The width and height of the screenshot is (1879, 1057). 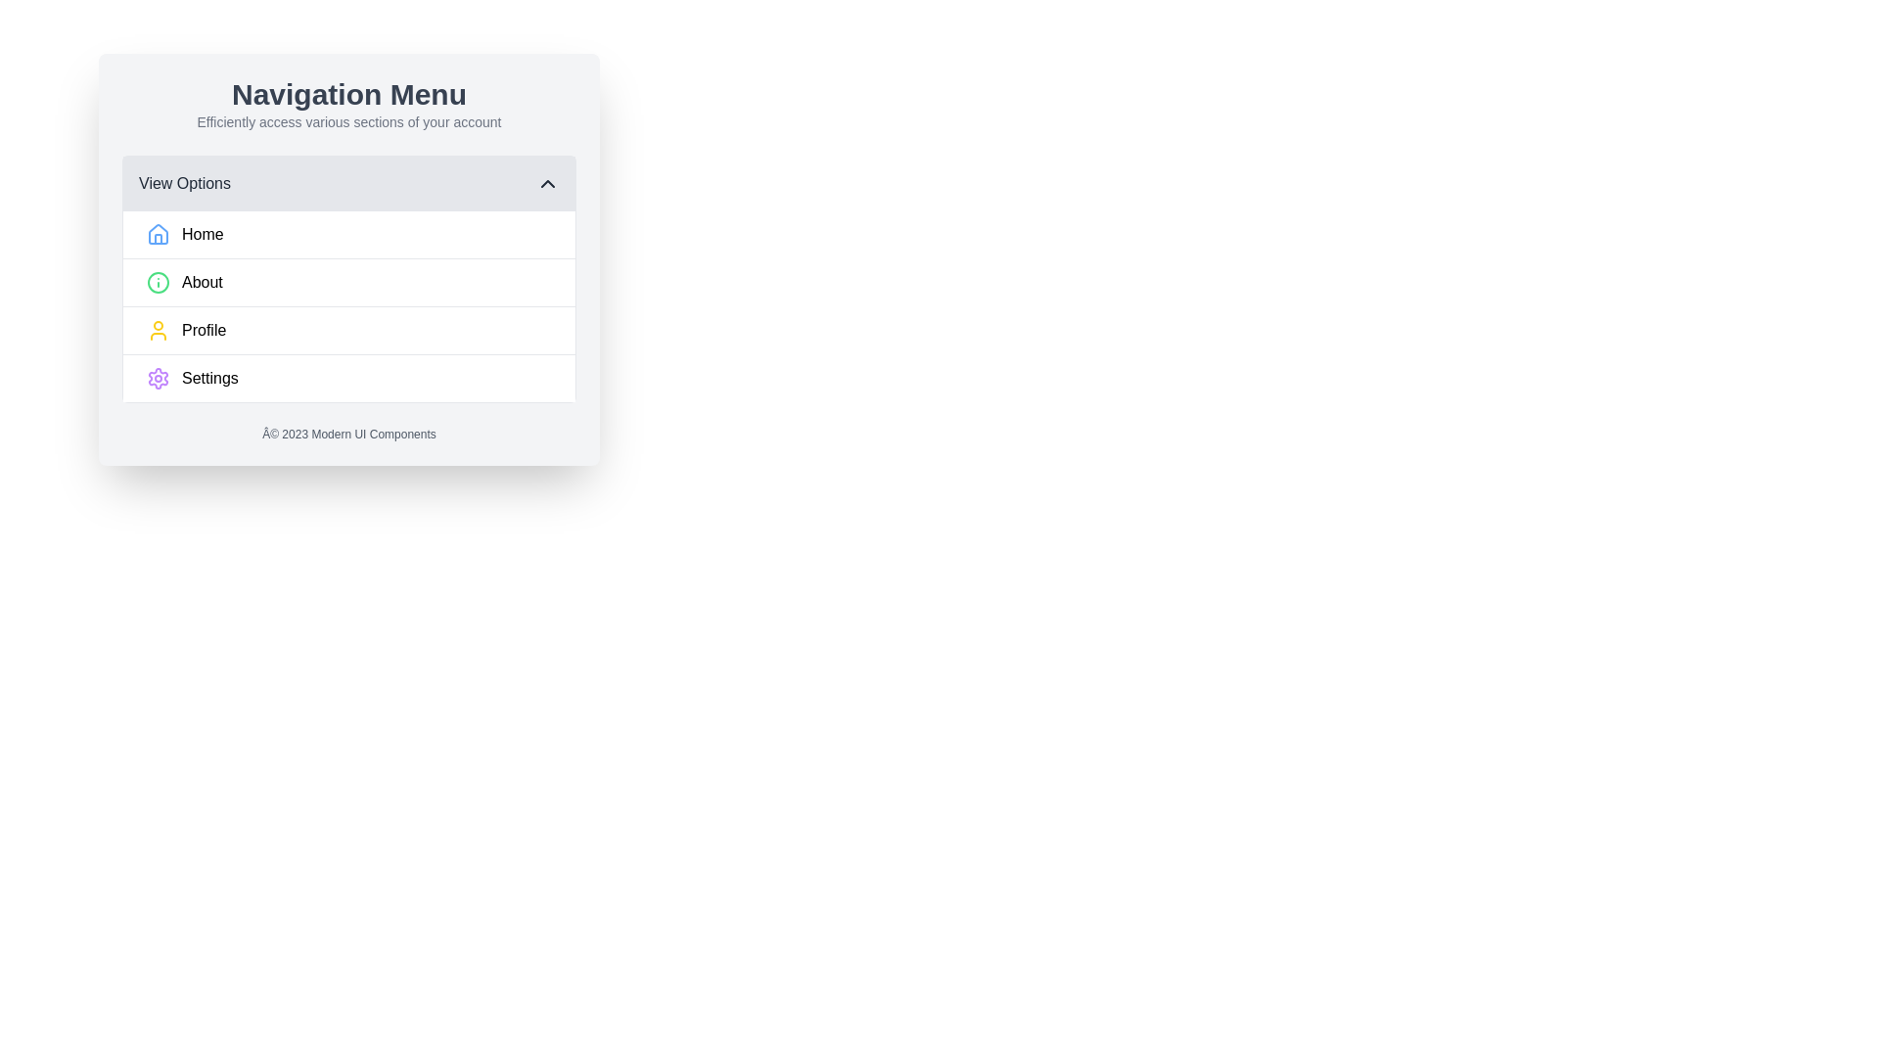 What do you see at coordinates (184, 184) in the screenshot?
I see `the Text label that serves as a title in the navigation menu, indicating its role as a toggle for additional options` at bounding box center [184, 184].